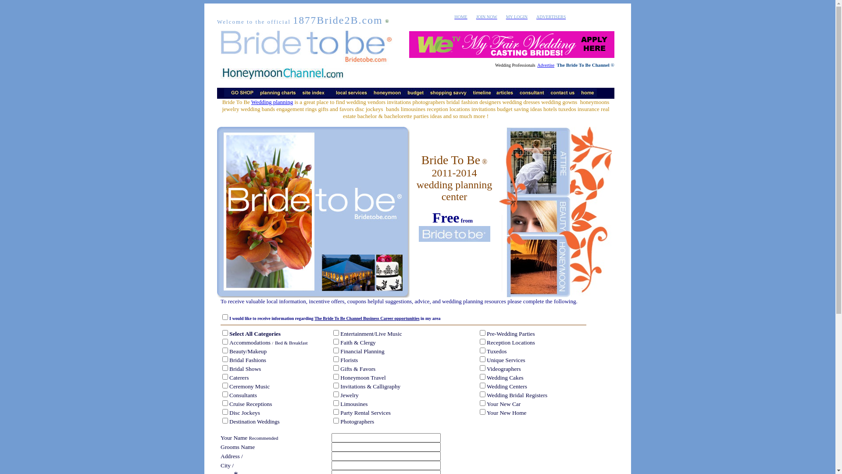 This screenshot has height=474, width=842. Describe the element at coordinates (454, 17) in the screenshot. I see `'HOME'` at that location.